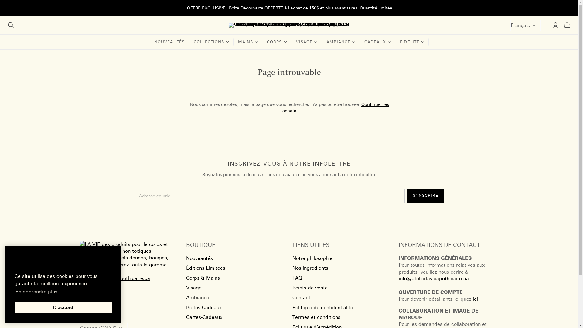  What do you see at coordinates (297, 278) in the screenshot?
I see `'FAQ'` at bounding box center [297, 278].